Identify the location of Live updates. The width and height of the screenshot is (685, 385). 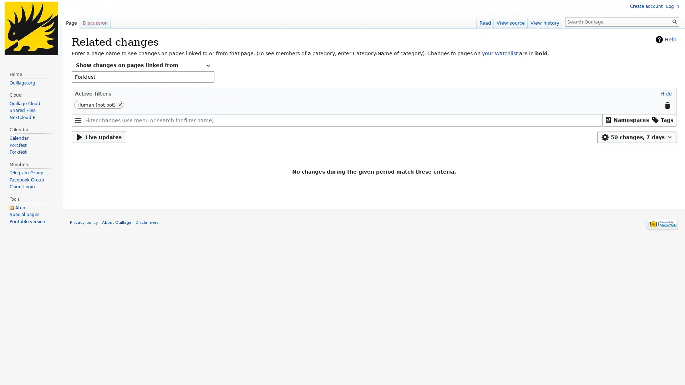
(98, 137).